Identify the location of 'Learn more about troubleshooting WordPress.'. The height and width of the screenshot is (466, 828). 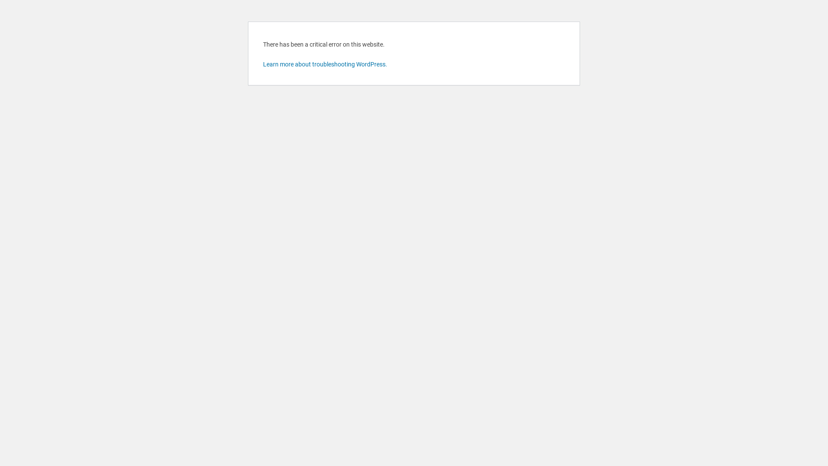
(324, 64).